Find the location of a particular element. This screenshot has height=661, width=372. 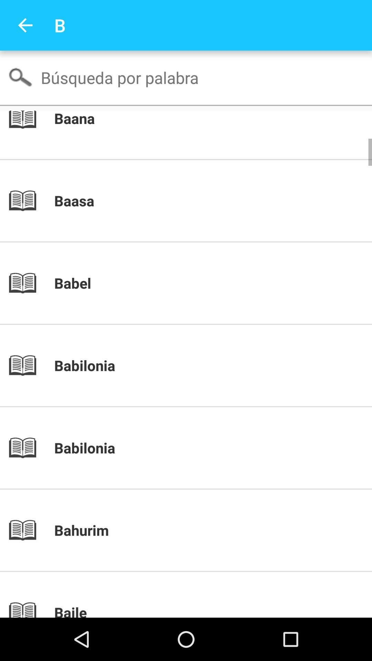

baile icon is located at coordinates (198, 610).